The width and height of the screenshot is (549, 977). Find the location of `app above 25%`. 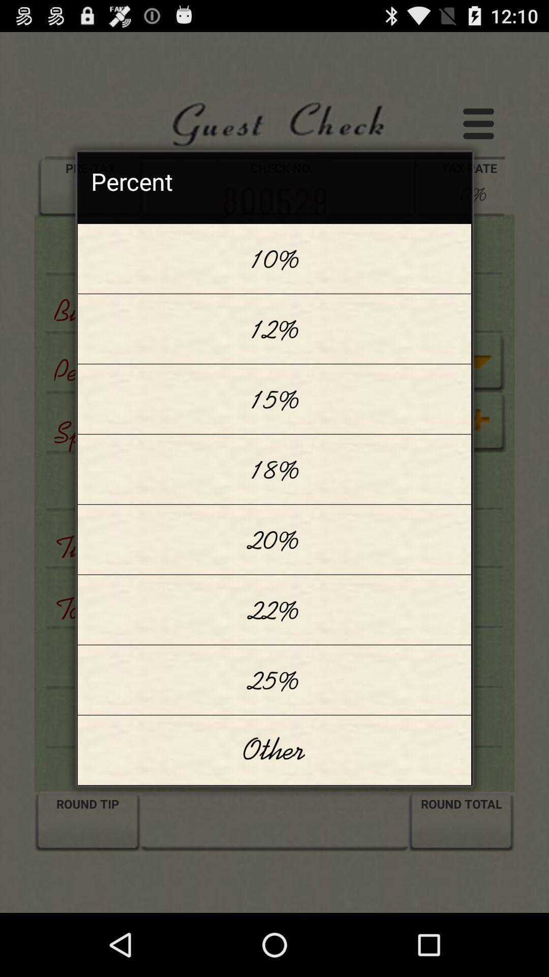

app above 25% is located at coordinates (274, 610).